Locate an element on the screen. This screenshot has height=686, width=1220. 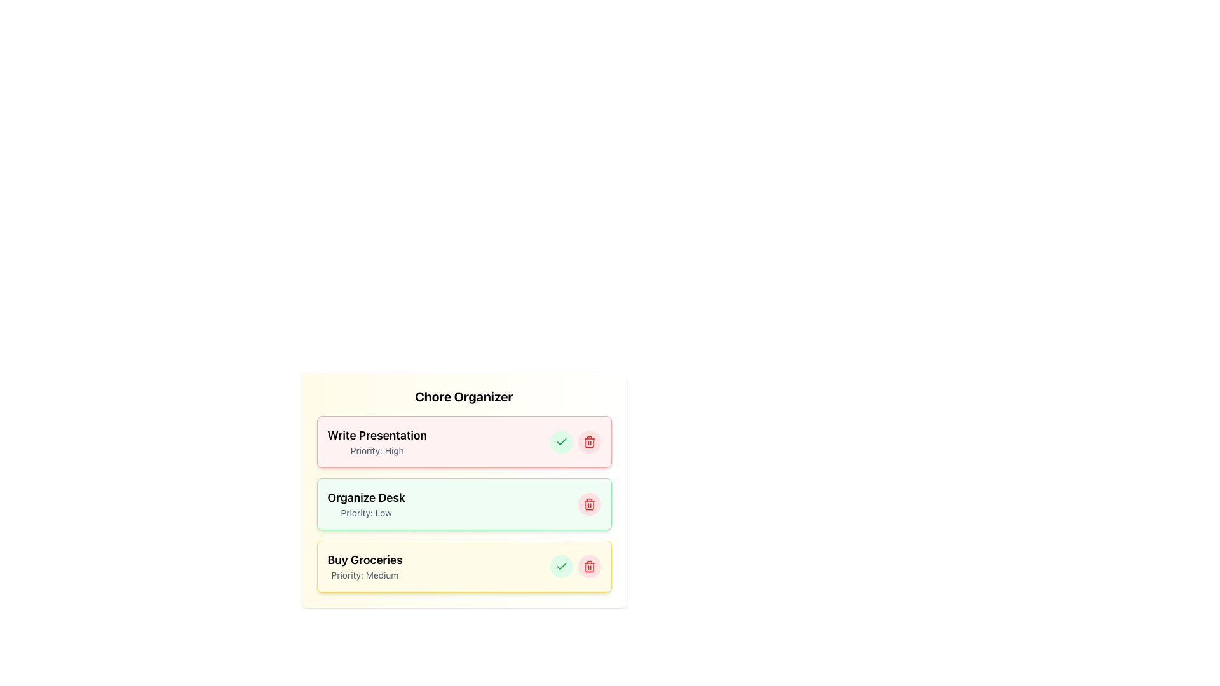
the task entry text box that conveys the name of the task 'Organize Desk' and its priority 'Low' in the task manager interface is located at coordinates (365, 504).